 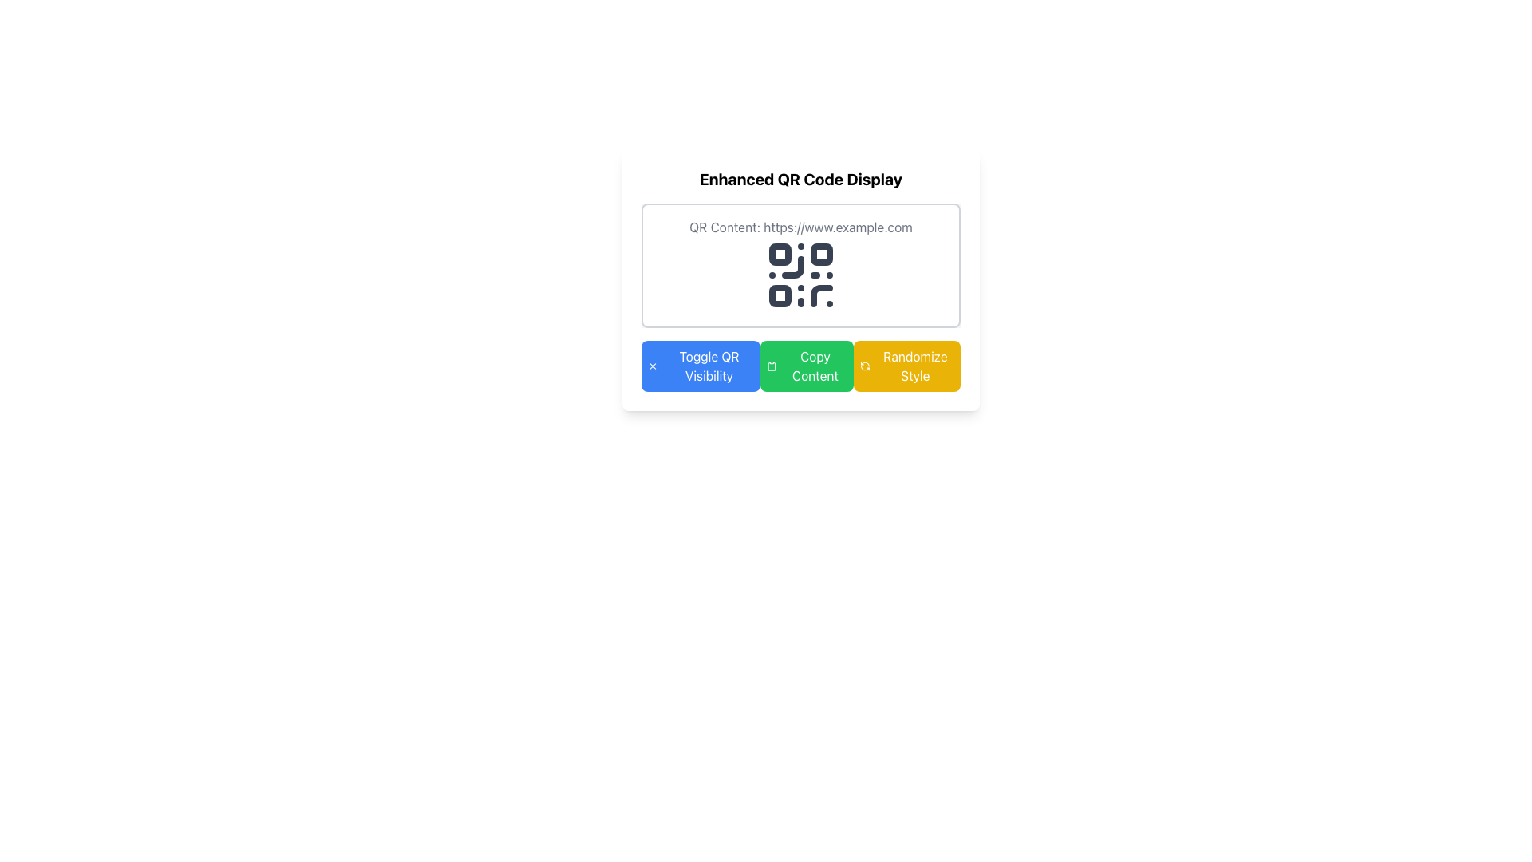 I want to click on the bottom-left corner square of the QR code in the 'Enhanced QR Code Display' module, so click(x=780, y=295).